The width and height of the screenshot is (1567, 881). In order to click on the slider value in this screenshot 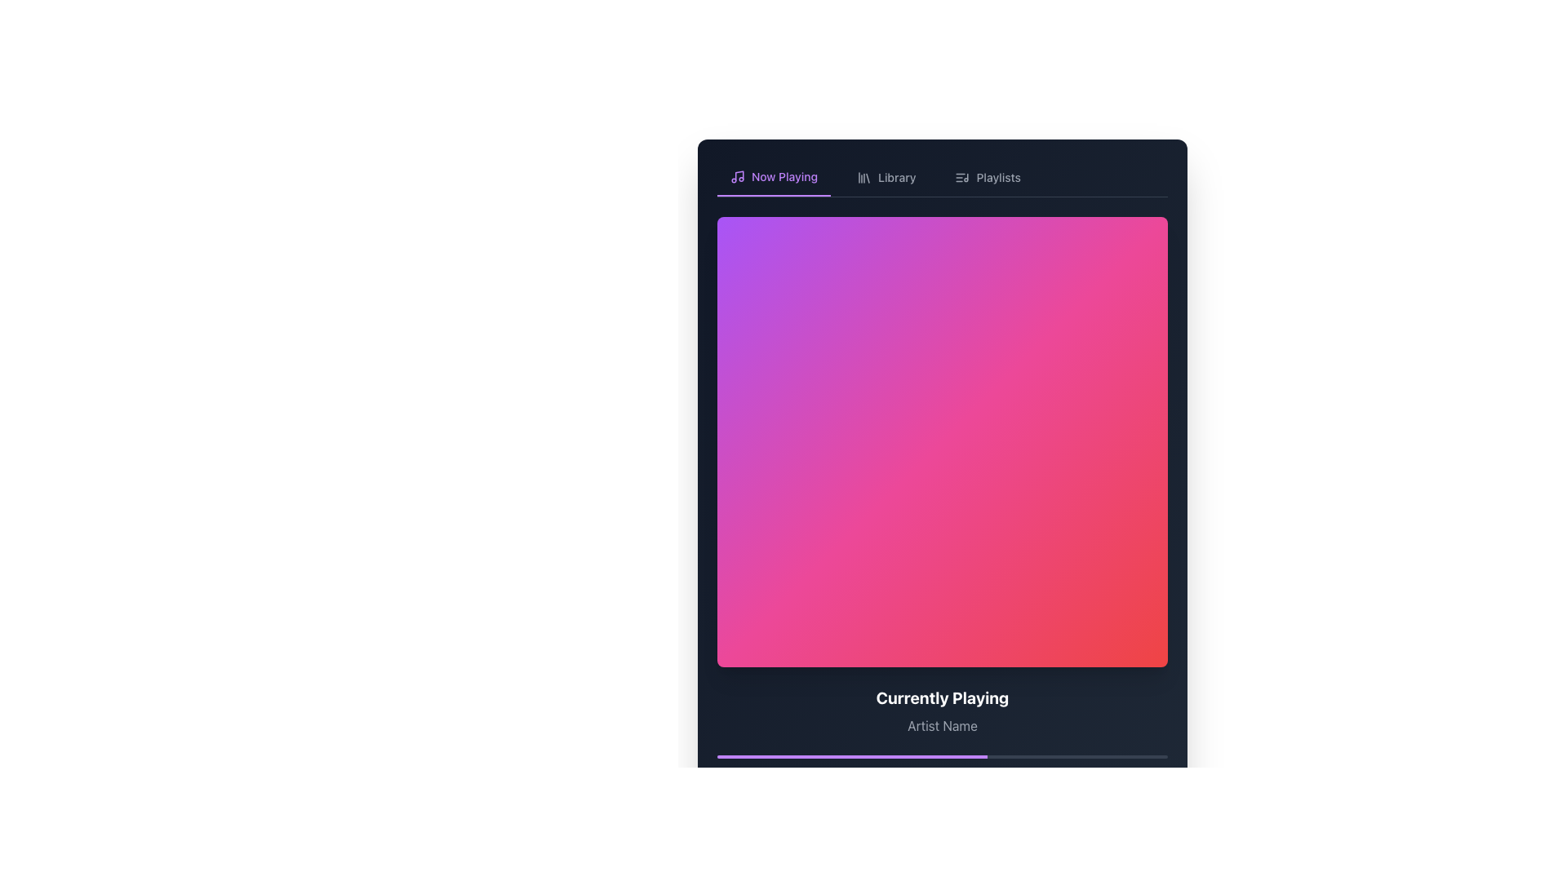, I will do `click(881, 867)`.